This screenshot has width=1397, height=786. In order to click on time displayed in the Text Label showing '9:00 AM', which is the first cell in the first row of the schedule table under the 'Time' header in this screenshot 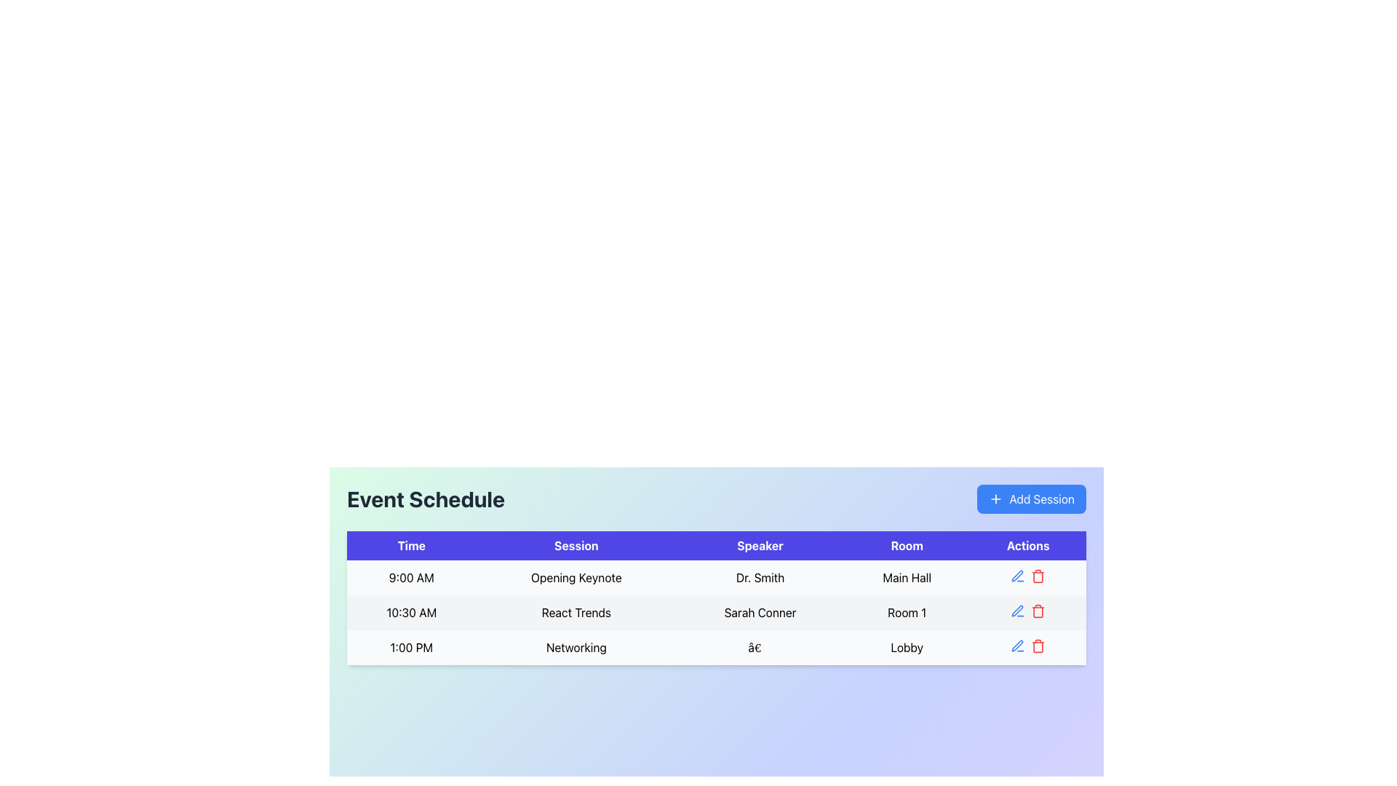, I will do `click(410, 577)`.